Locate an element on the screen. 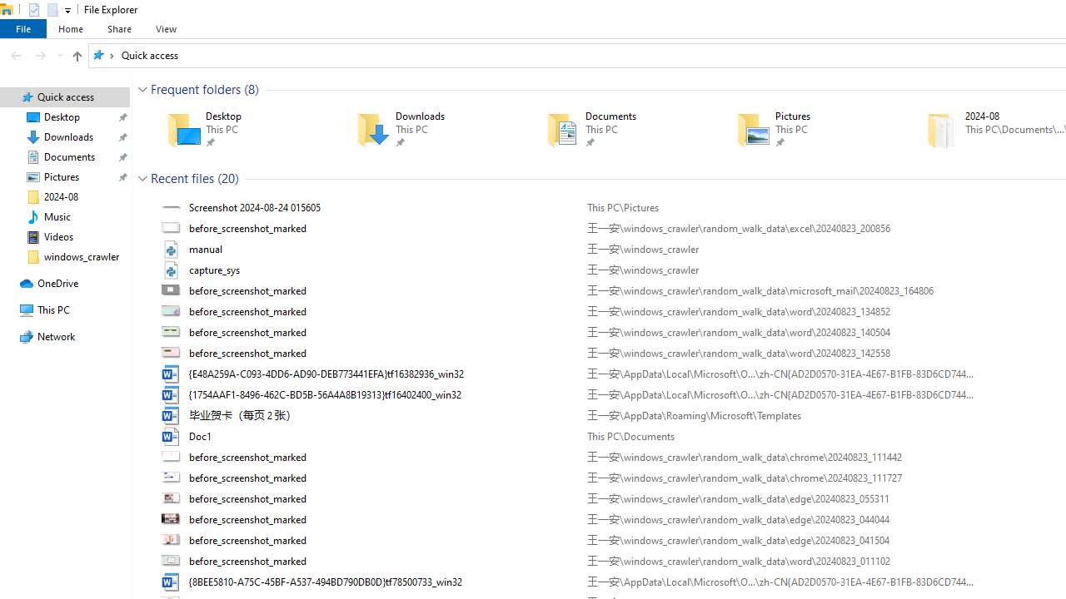  'Home' is located at coordinates (70, 28).